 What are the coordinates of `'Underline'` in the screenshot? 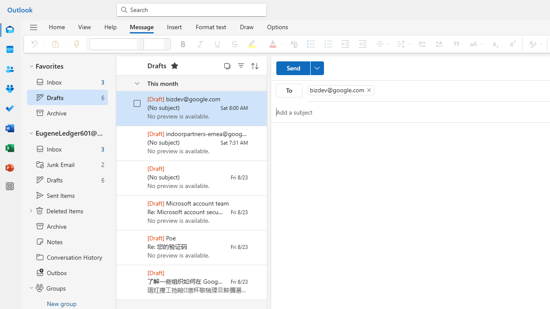 It's located at (217, 44).